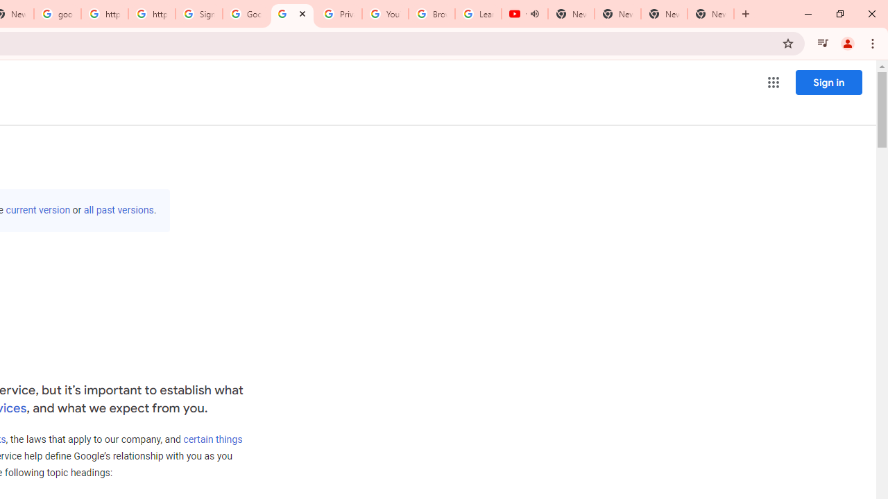 This screenshot has width=888, height=499. Describe the element at coordinates (104, 14) in the screenshot. I see `'https://scholar.google.com/'` at that location.